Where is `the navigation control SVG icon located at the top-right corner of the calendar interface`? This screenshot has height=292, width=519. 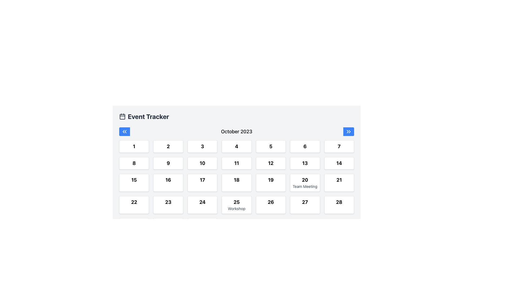 the navigation control SVG icon located at the top-right corner of the calendar interface is located at coordinates (349, 131).